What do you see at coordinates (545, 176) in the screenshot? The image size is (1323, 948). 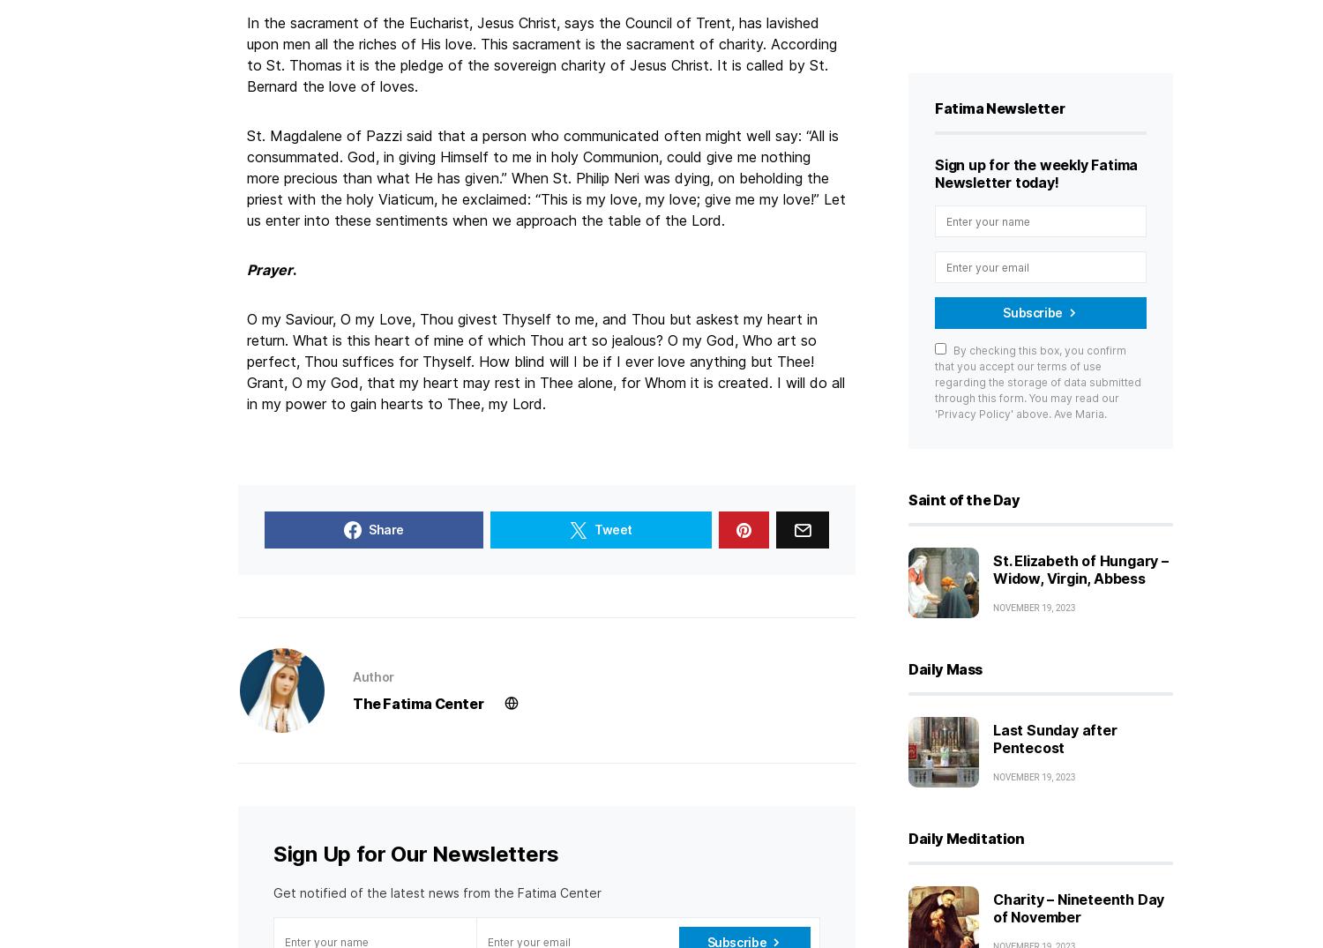 I see `'St. Magdalene of Pazzi said that a person who communicated often might well say: “All is consummated. God, in giving Himself to me in holy Communion, could give me nothing more precious than what He has given.” When St. Philip Neri was dying, on beholding the priest with the holy Viaticum, he exclaimed: “This is my love, my love; give me my love!” Let us enter into these sentiments when we approach the table of the Lord.'` at bounding box center [545, 176].